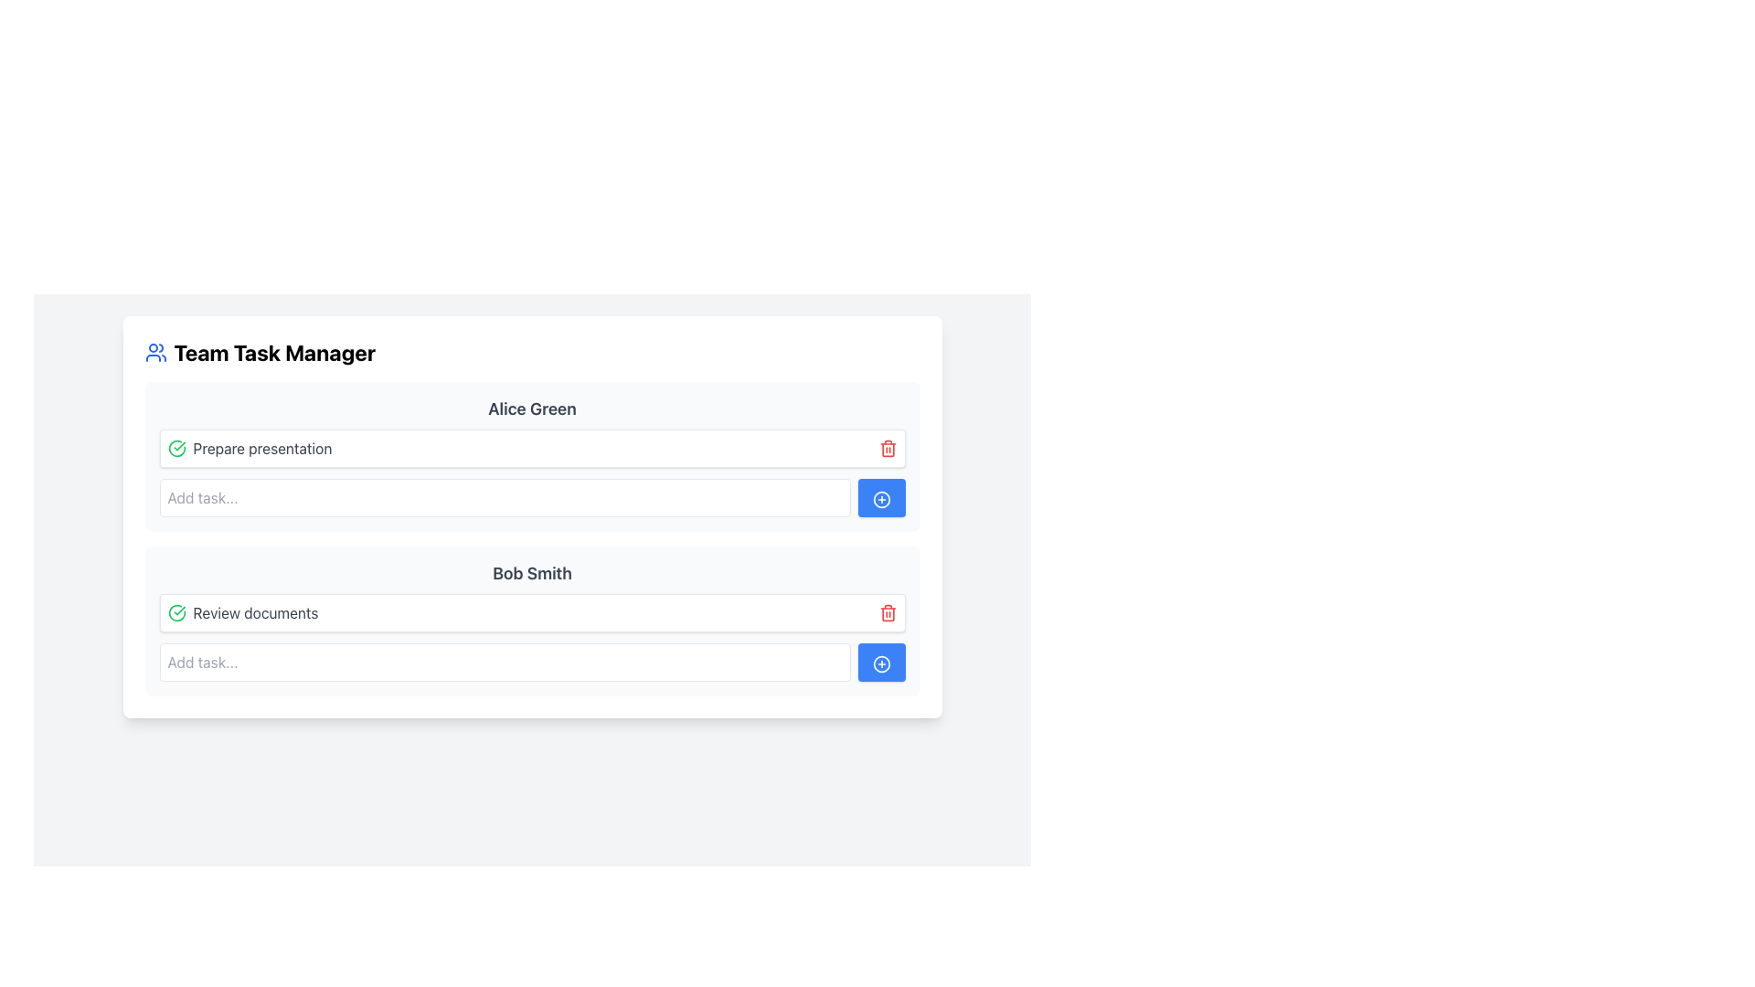 This screenshot has height=987, width=1755. What do you see at coordinates (888, 613) in the screenshot?
I see `the delete button located in the 'Review documents' task row, positioned on the far right, adjacent to the blue circular button with a plus sign, to observe a change in shade` at bounding box center [888, 613].